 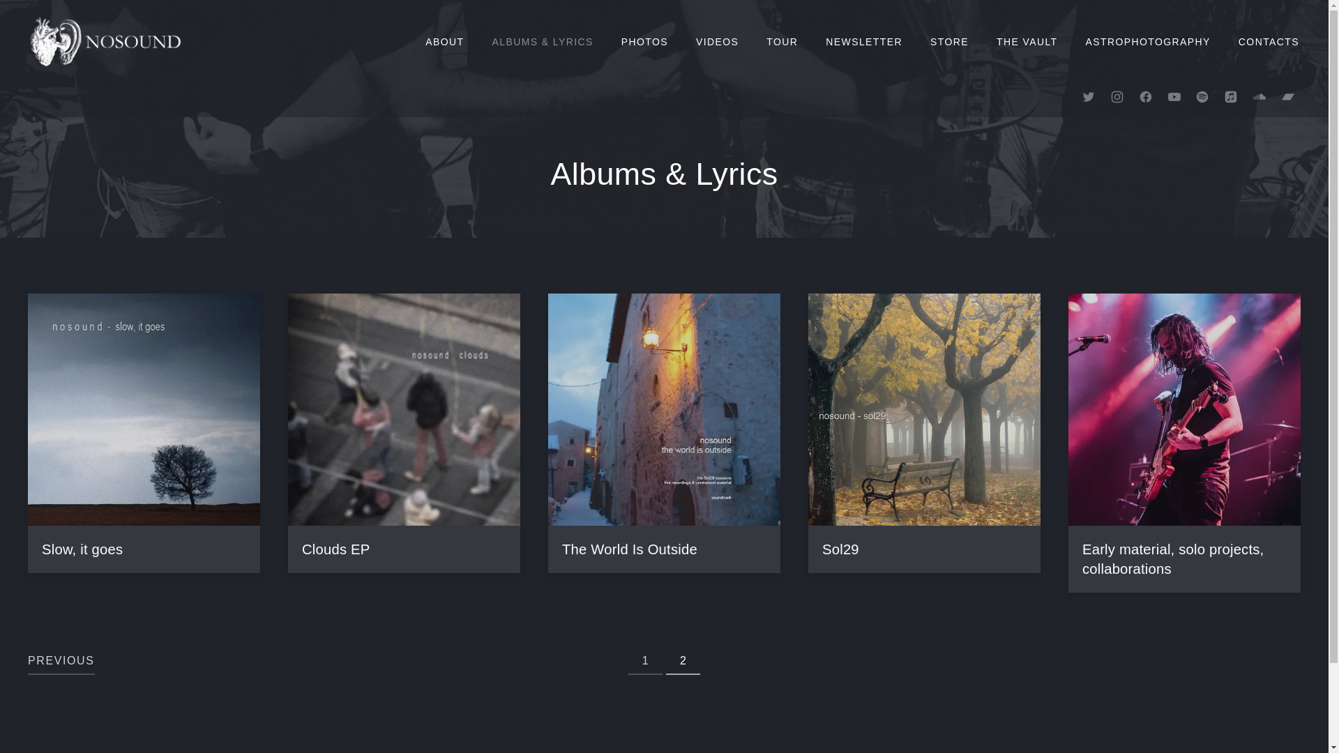 I want to click on 'THE VAULT', so click(x=1027, y=41).